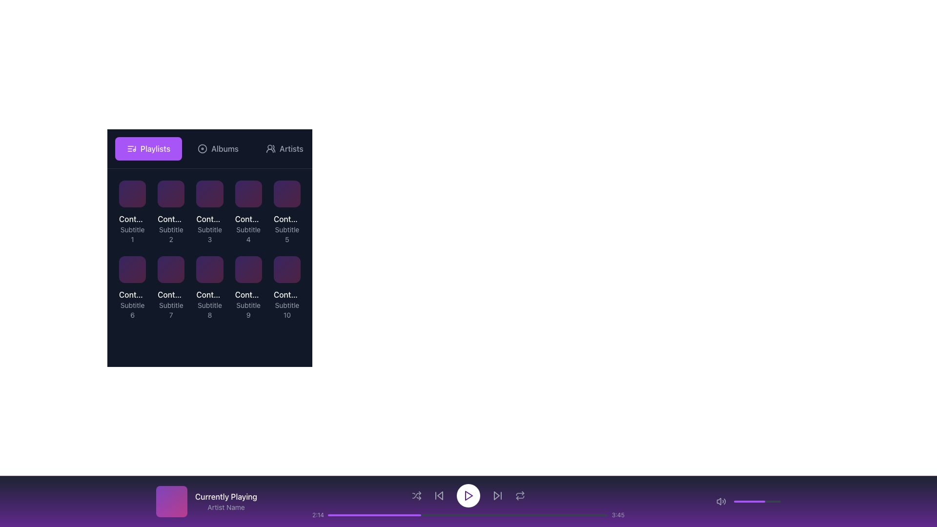 This screenshot has height=527, width=937. I want to click on the volume slider, so click(771, 502).